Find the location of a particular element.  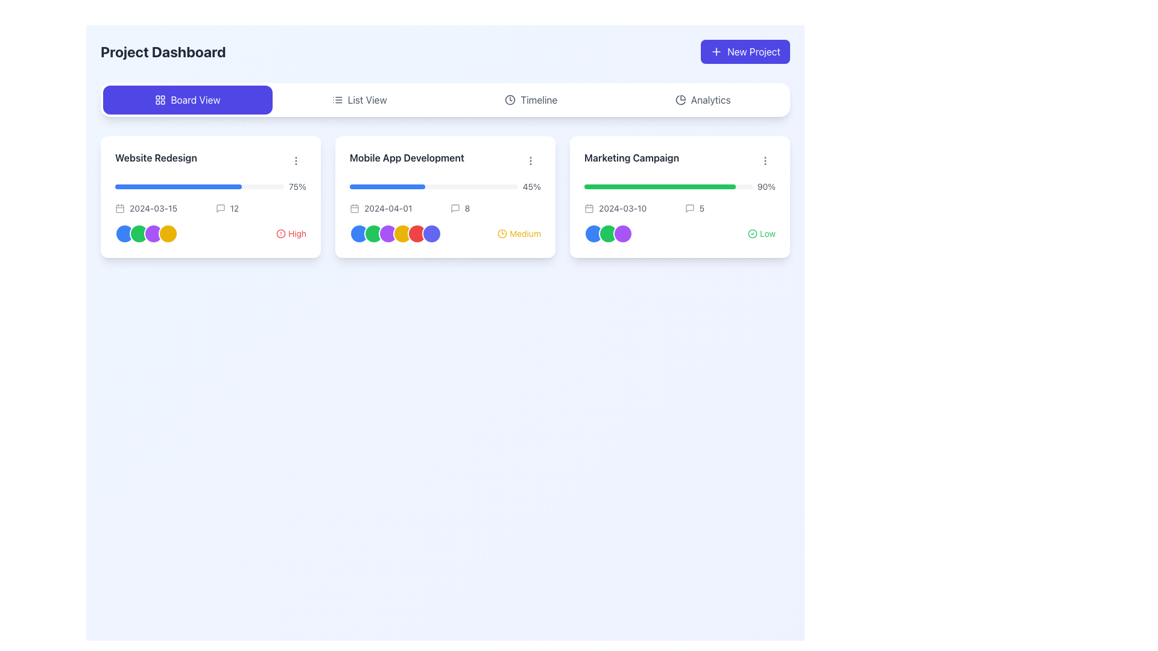

the comment icon located in the lower middle section of the 'Marketing Campaign' card, which displays the date '2024-03-10' and a comment count of '5' is located at coordinates (680, 208).